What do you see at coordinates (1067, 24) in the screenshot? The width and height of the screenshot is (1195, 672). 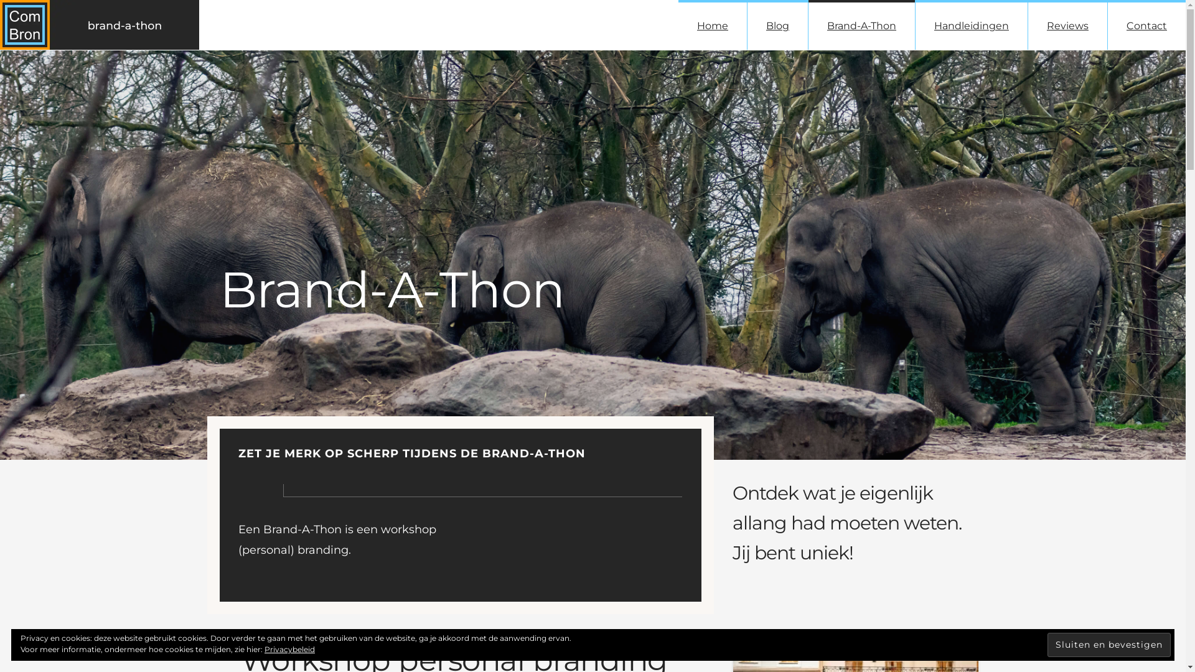 I see `'Reviews'` at bounding box center [1067, 24].